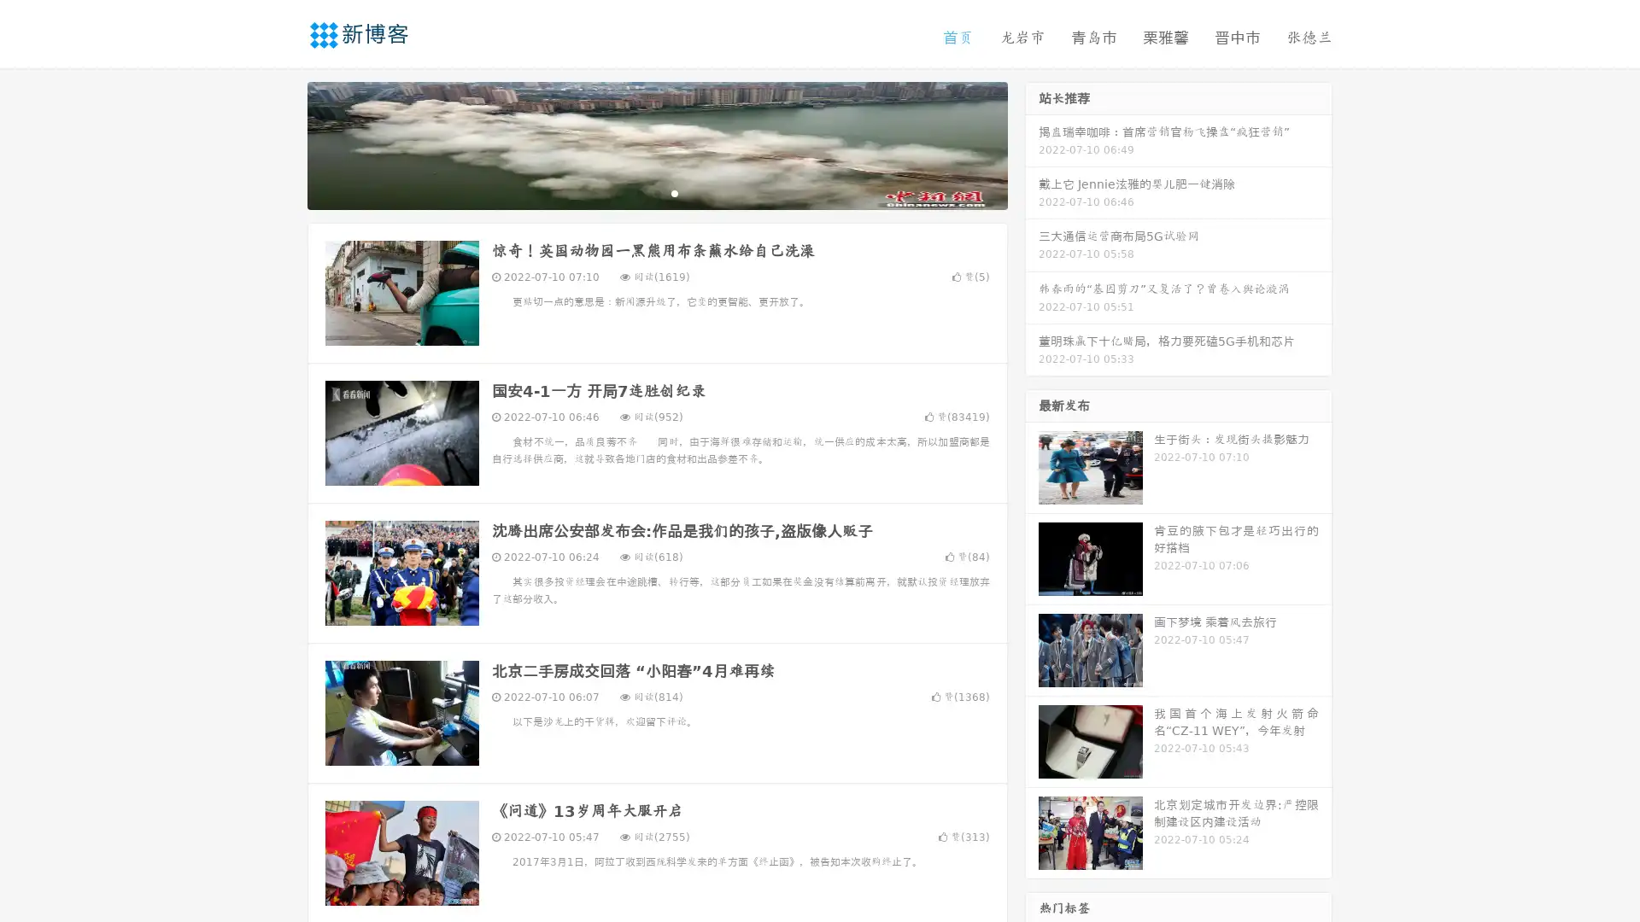 This screenshot has width=1640, height=922. What do you see at coordinates (656, 192) in the screenshot?
I see `Go to slide 2` at bounding box center [656, 192].